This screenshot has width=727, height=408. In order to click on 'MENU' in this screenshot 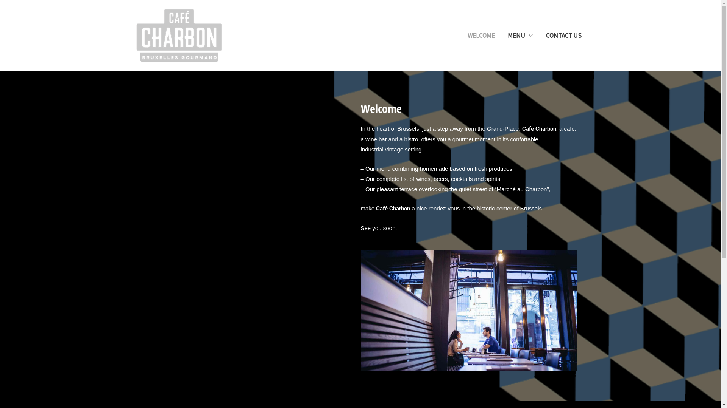, I will do `click(501, 35)`.